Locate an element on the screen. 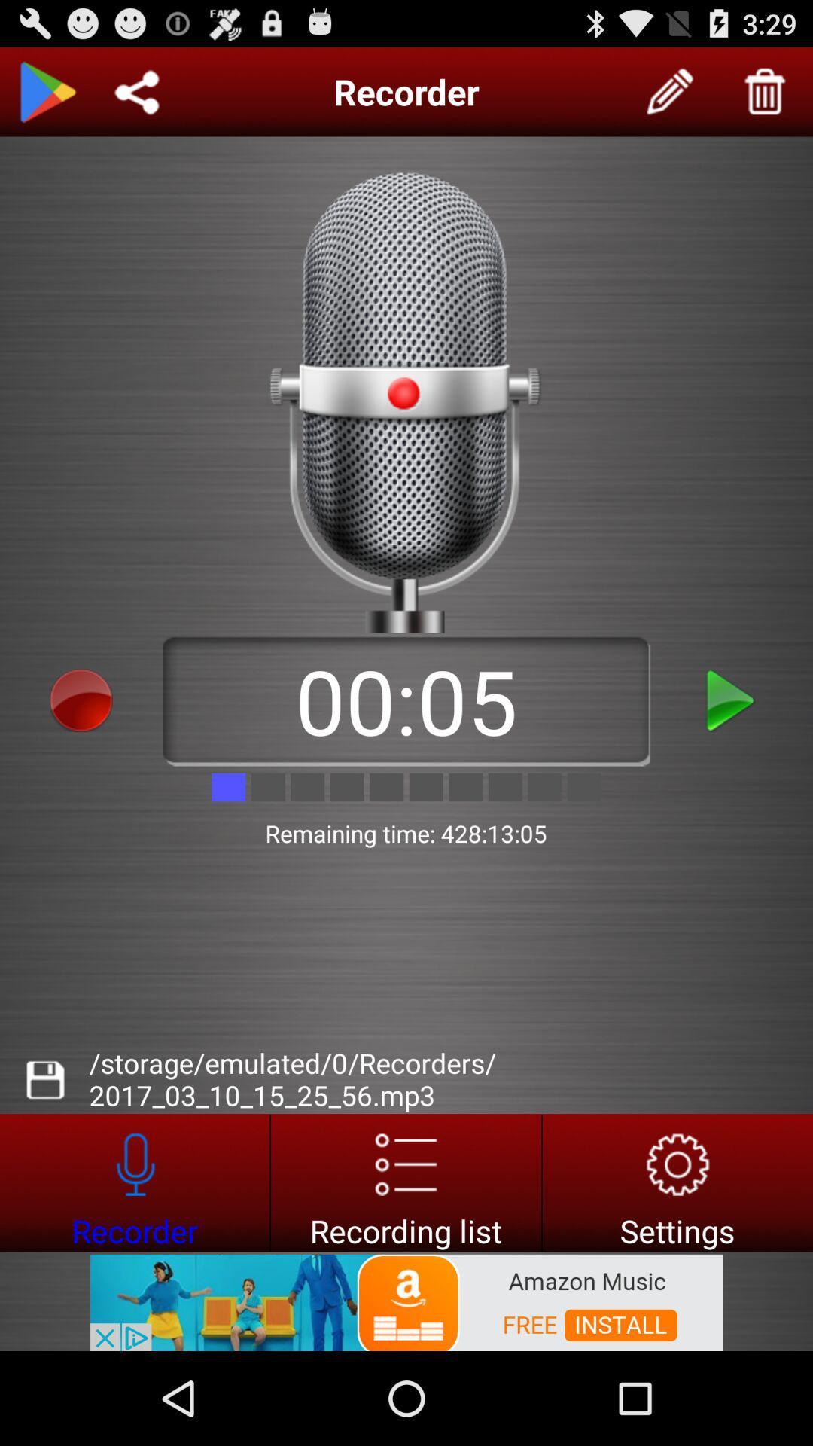 The width and height of the screenshot is (813, 1446). open the recording list is located at coordinates (405, 1182).